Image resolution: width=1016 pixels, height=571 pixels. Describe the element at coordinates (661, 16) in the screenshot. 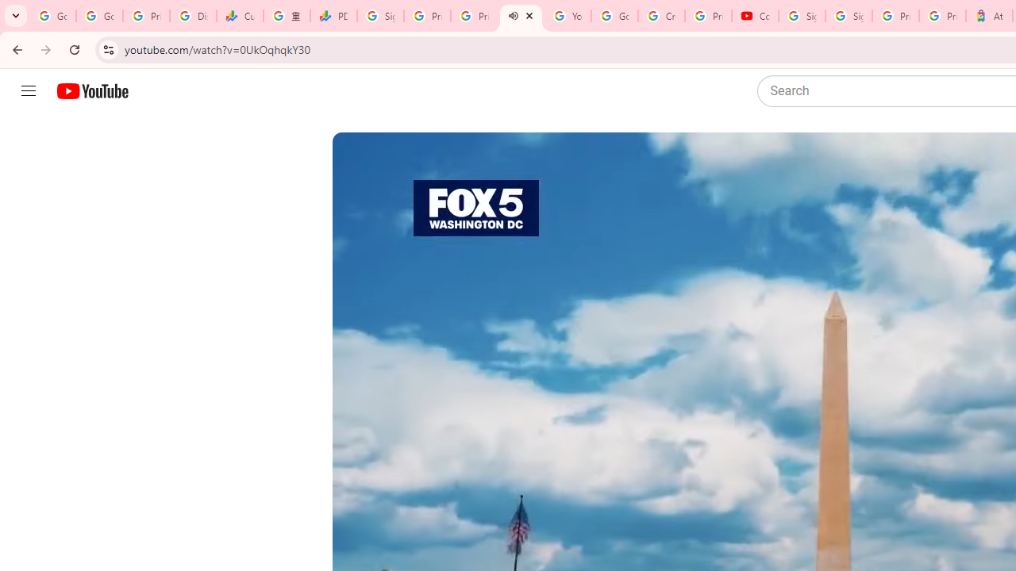

I see `'Create your Google Account'` at that location.